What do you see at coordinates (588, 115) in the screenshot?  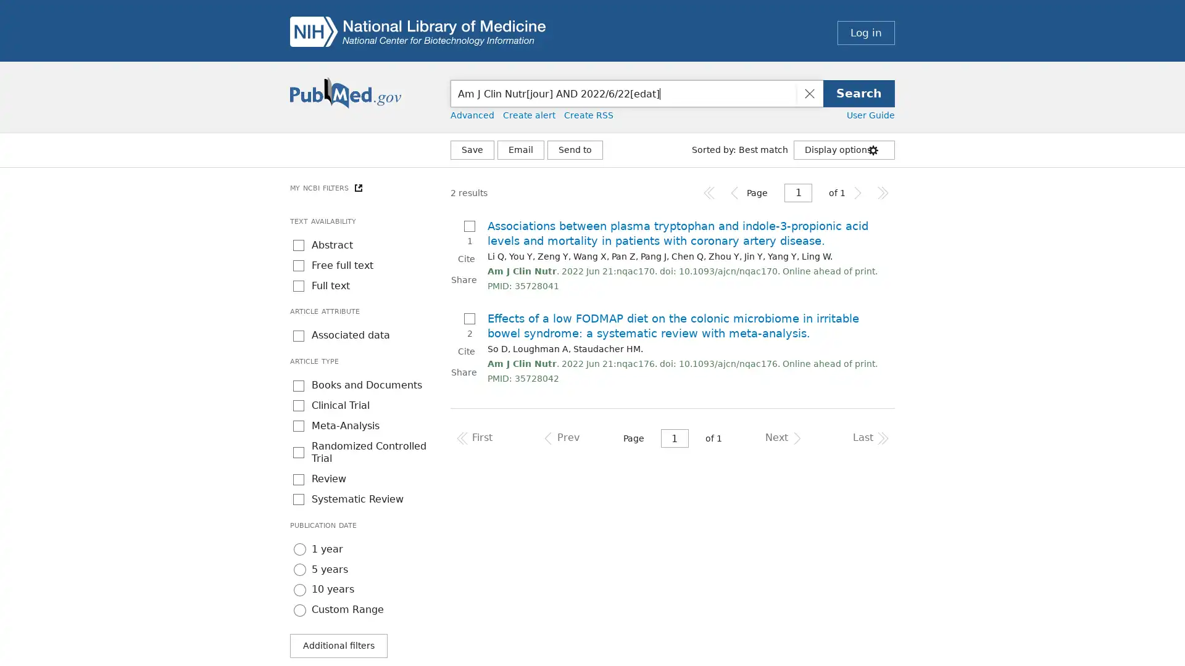 I see `Create RSS` at bounding box center [588, 115].